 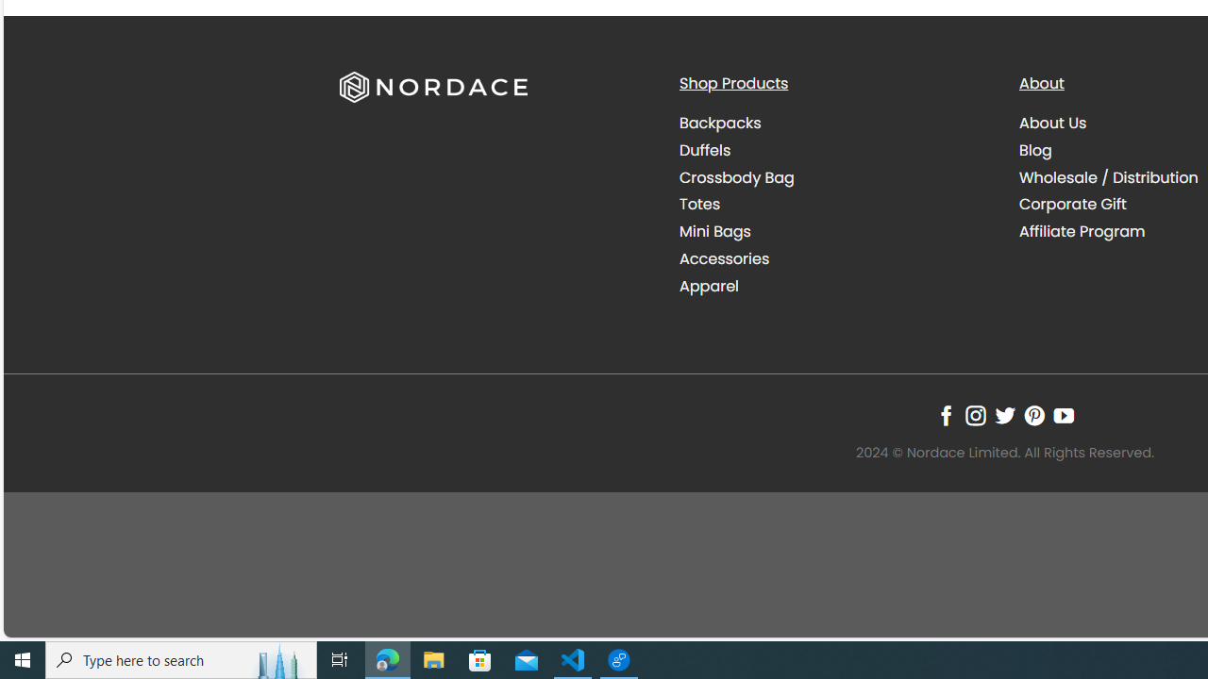 What do you see at coordinates (975, 415) in the screenshot?
I see `'Follow on Instagram'` at bounding box center [975, 415].